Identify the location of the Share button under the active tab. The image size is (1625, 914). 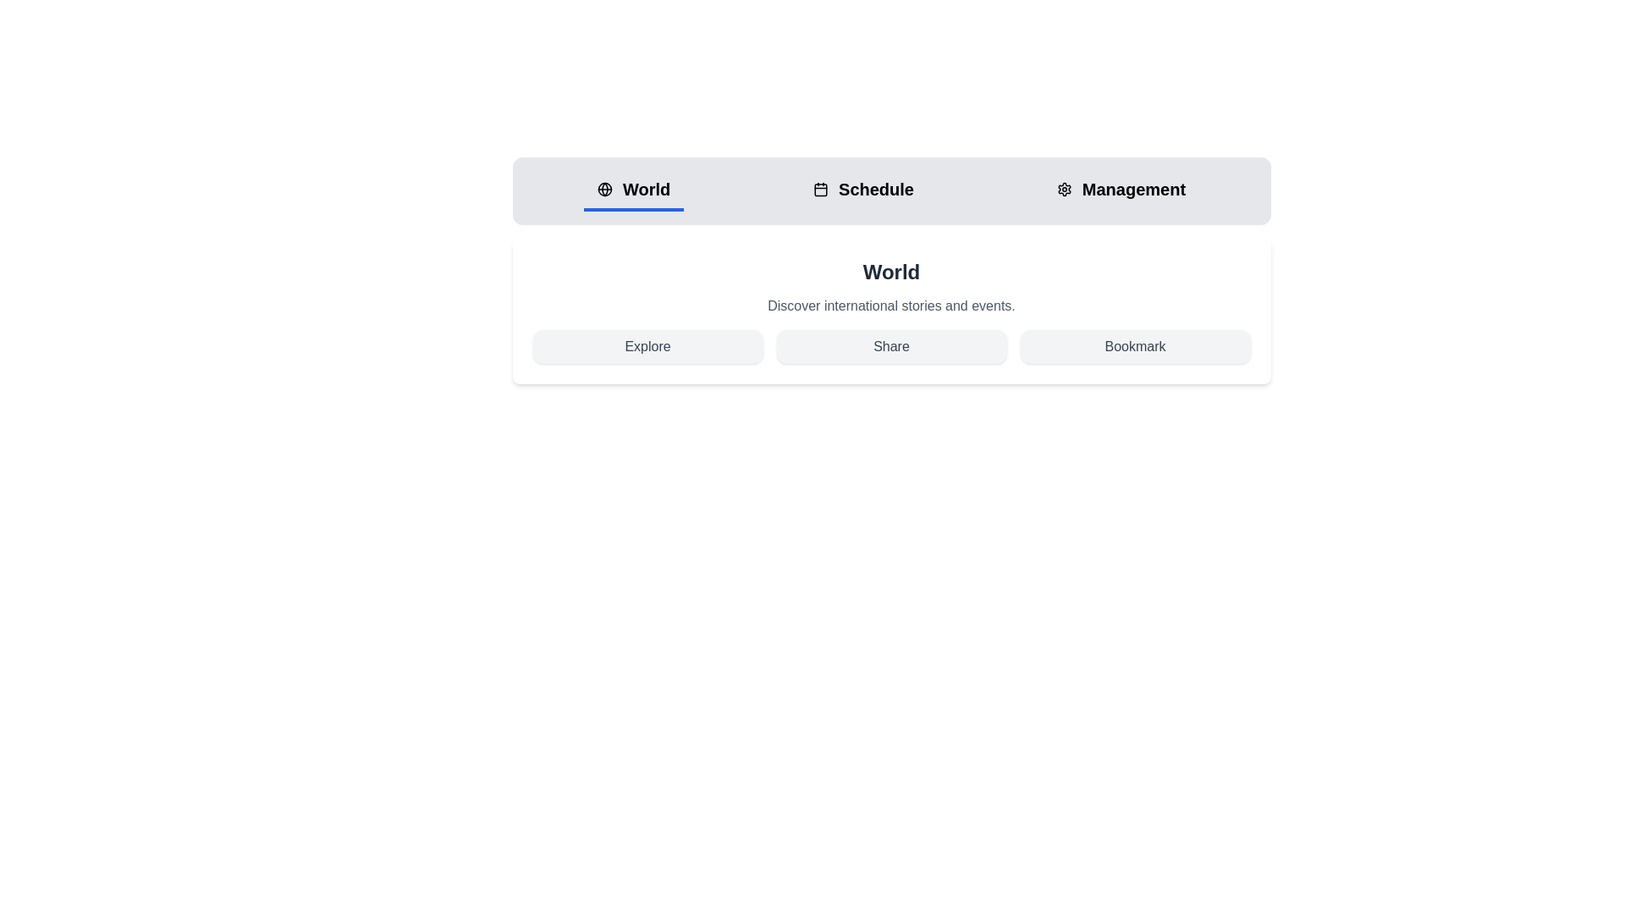
(890, 345).